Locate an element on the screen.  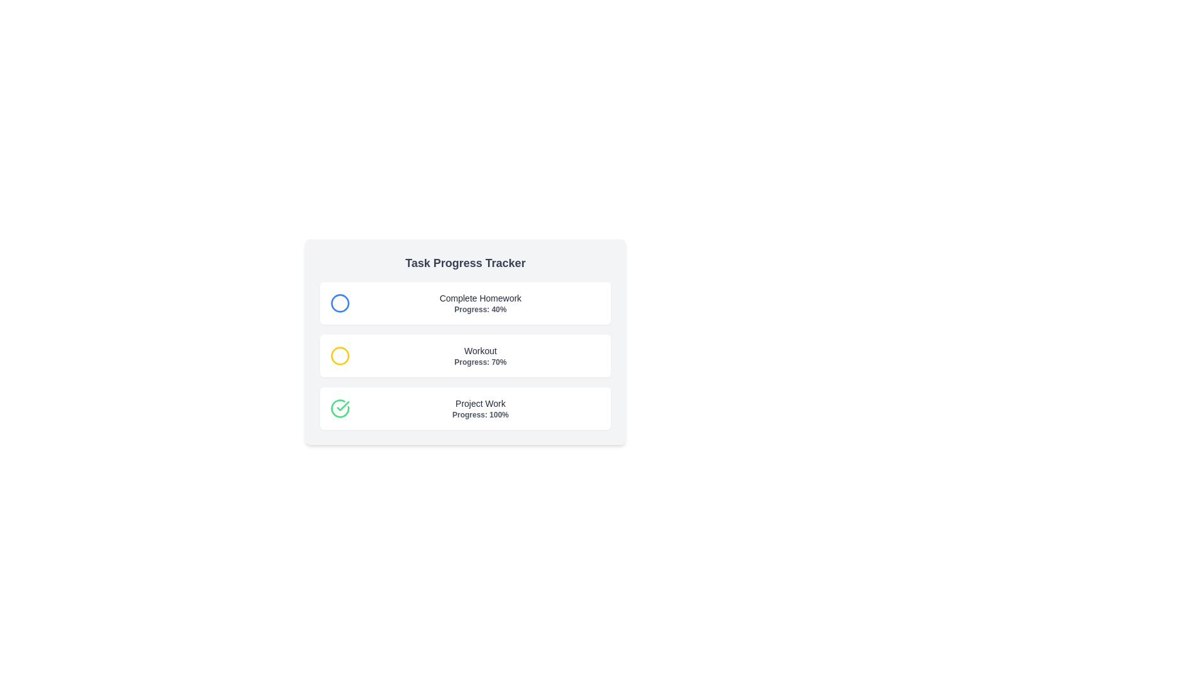
the text label displaying 'Progress: 70%' which is located directly below the 'Workout' text in a card layout is located at coordinates (480, 362).